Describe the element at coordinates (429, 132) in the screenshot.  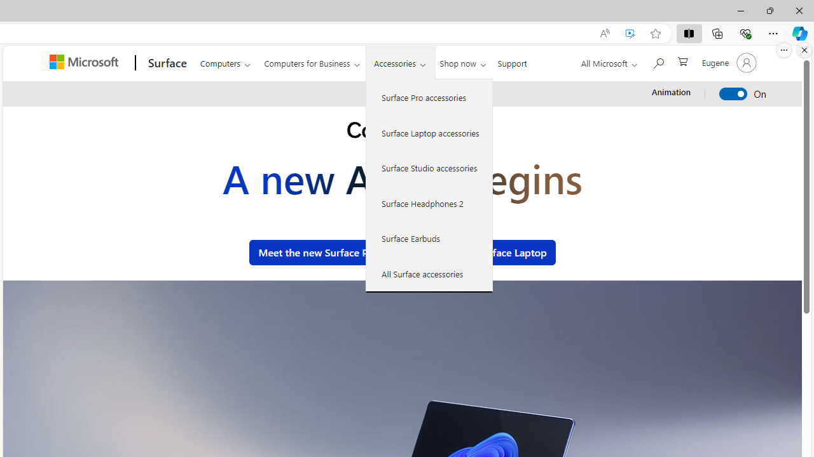
I see `'Surface Laptop accessories'` at that location.